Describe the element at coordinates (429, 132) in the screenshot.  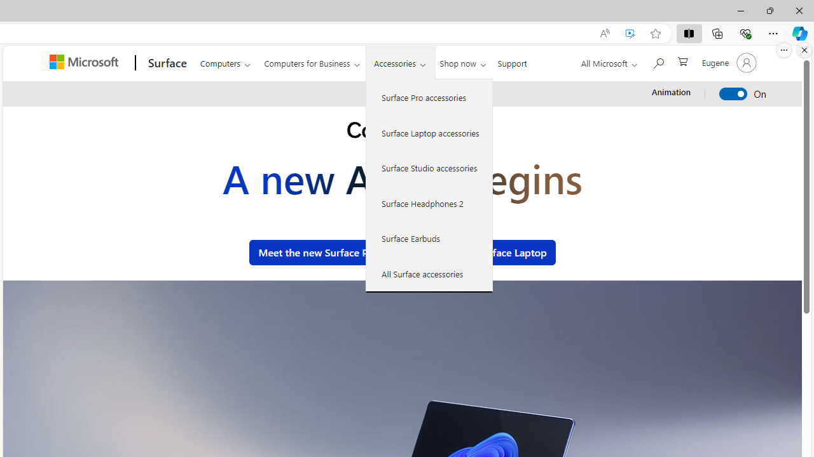
I see `'Surface Laptop accessories'` at that location.